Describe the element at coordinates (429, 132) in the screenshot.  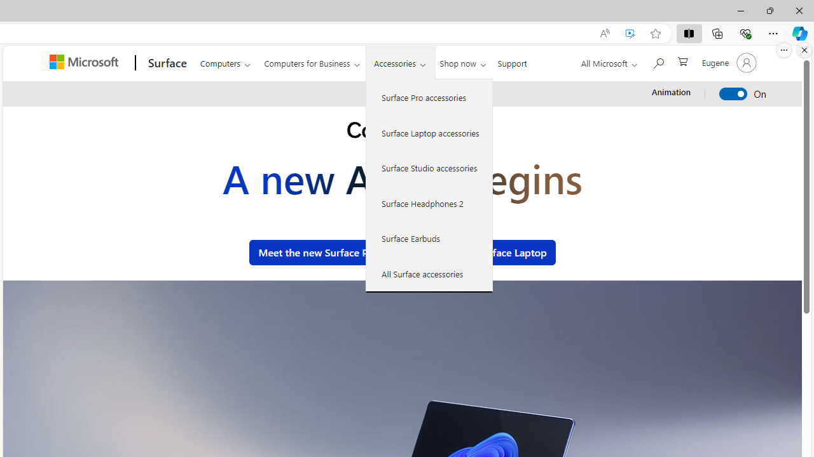
I see `'Surface Laptop accessories'` at that location.